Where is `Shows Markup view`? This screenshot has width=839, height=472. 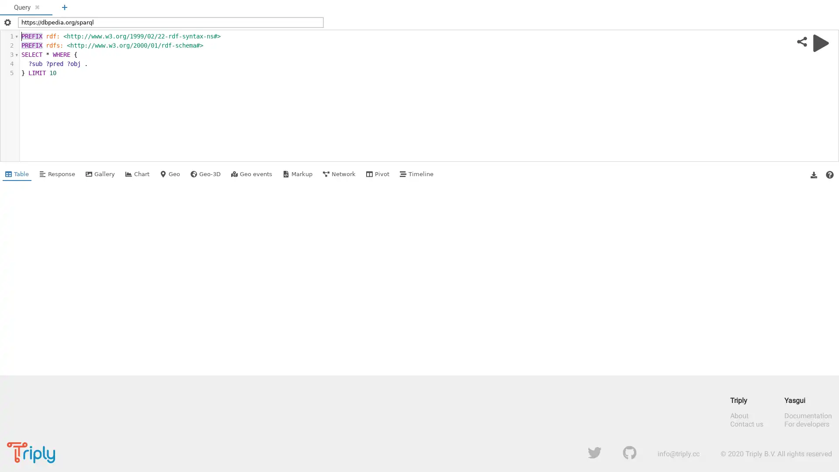 Shows Markup view is located at coordinates (298, 174).